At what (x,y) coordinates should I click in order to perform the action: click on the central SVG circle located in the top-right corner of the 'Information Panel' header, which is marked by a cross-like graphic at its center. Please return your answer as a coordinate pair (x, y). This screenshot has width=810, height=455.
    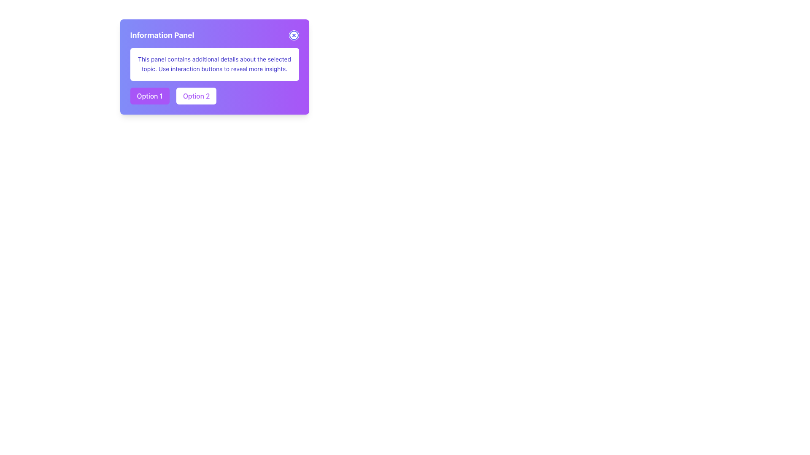
    Looking at the image, I should click on (294, 35).